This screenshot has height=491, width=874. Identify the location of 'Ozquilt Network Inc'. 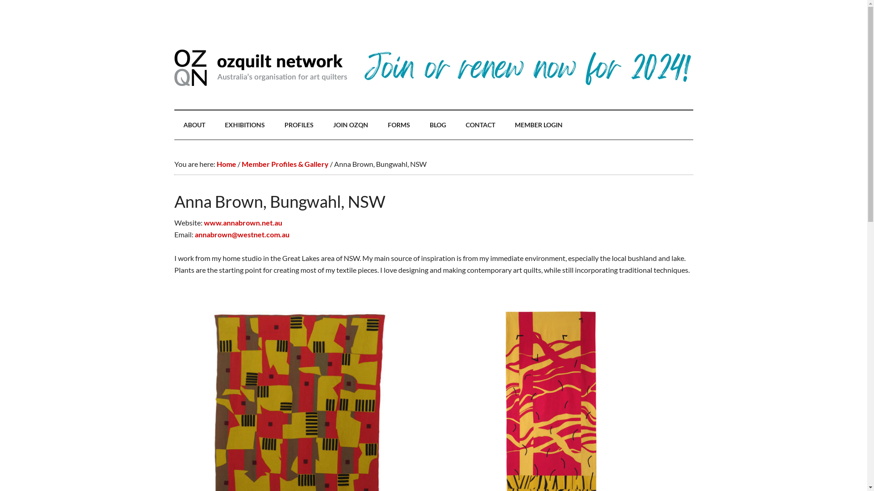
(259, 67).